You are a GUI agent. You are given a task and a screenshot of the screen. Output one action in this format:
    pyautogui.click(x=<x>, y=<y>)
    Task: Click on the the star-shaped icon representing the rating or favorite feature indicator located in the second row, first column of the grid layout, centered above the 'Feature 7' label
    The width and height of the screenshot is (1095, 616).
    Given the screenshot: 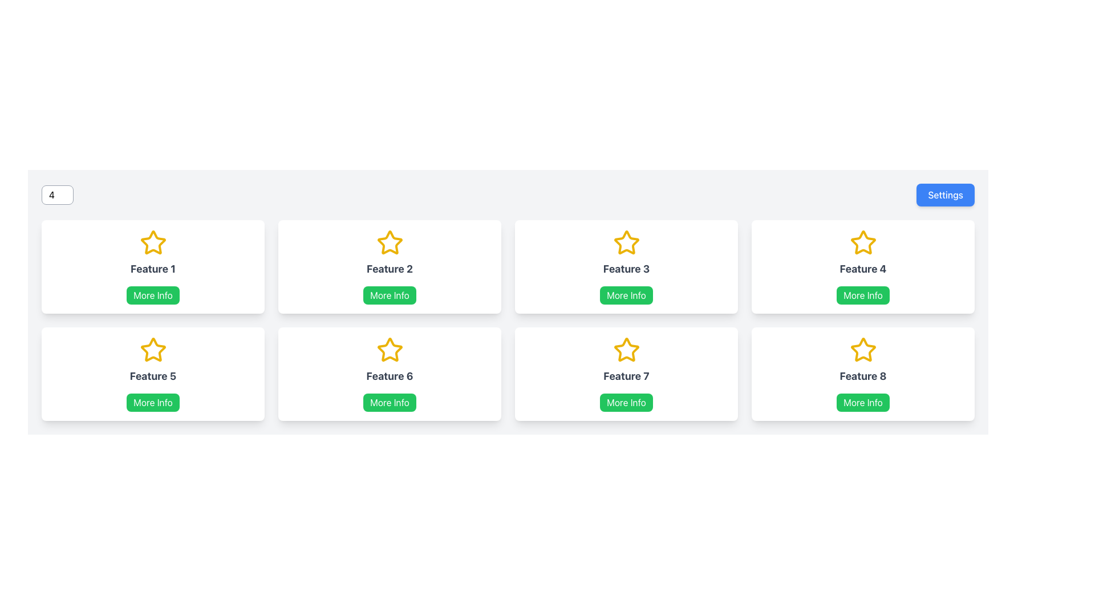 What is the action you would take?
    pyautogui.click(x=626, y=349)
    